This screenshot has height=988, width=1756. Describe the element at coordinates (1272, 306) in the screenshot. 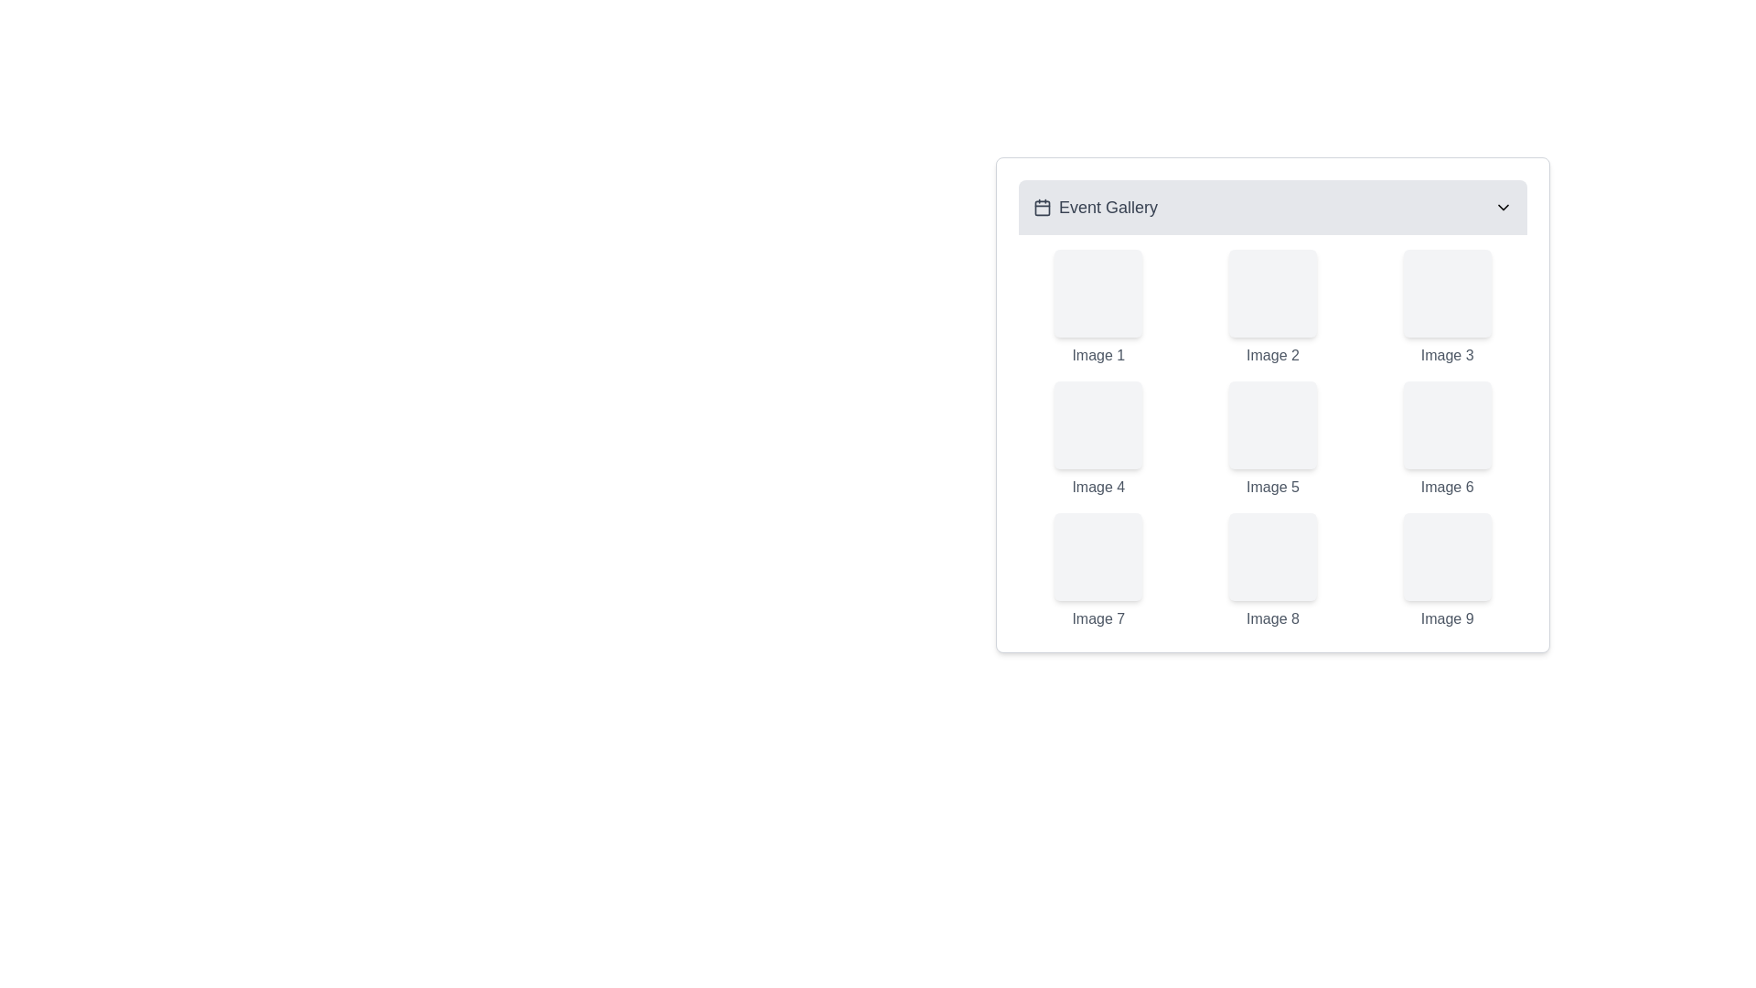

I see `the Gallery item in the grid layout, positioned below 'Event Gallery' and between 'Image 1' and 'Image 3'` at that location.